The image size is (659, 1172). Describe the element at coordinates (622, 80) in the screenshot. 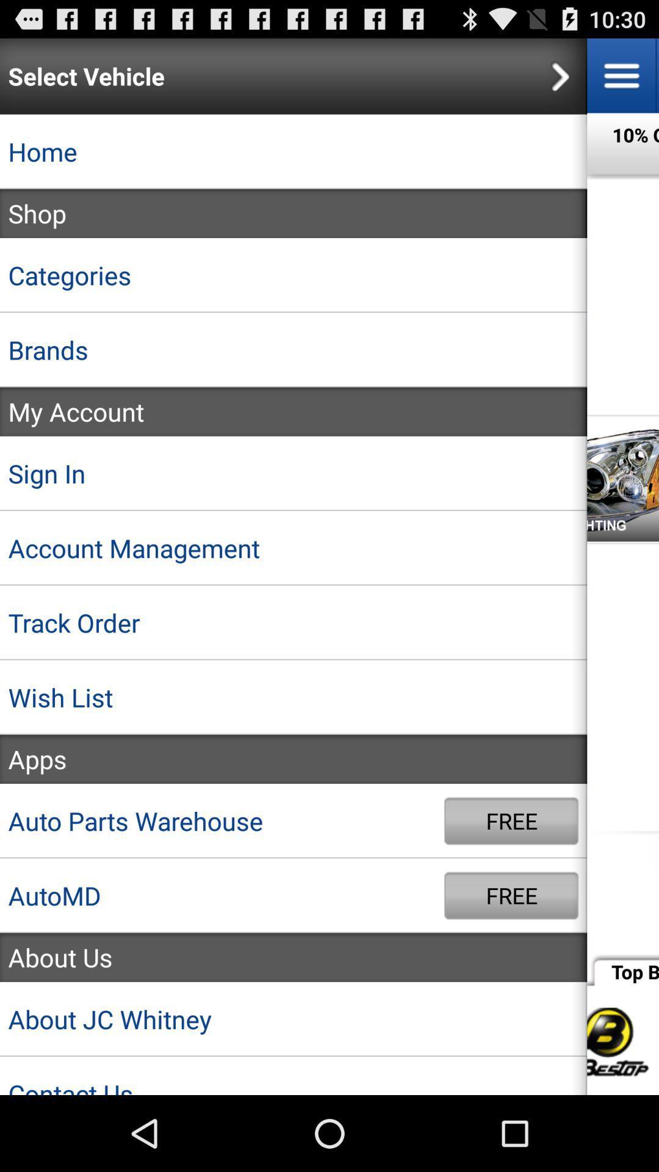

I see `the menu icon` at that location.